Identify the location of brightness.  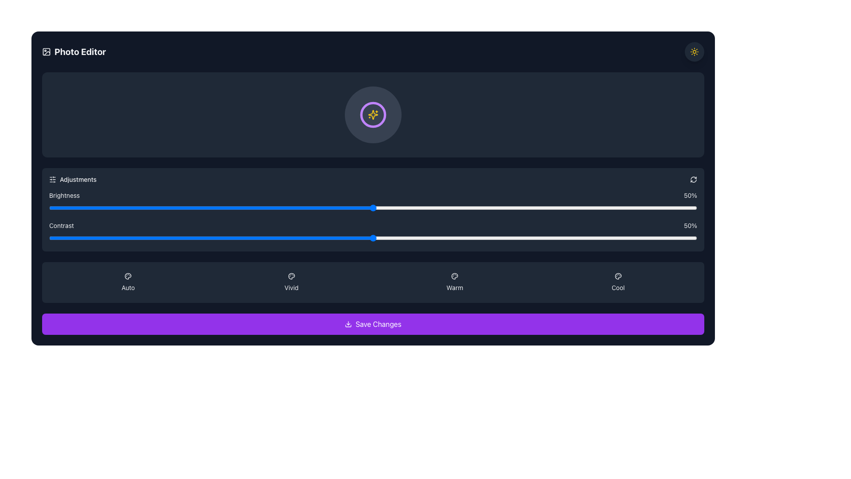
(269, 208).